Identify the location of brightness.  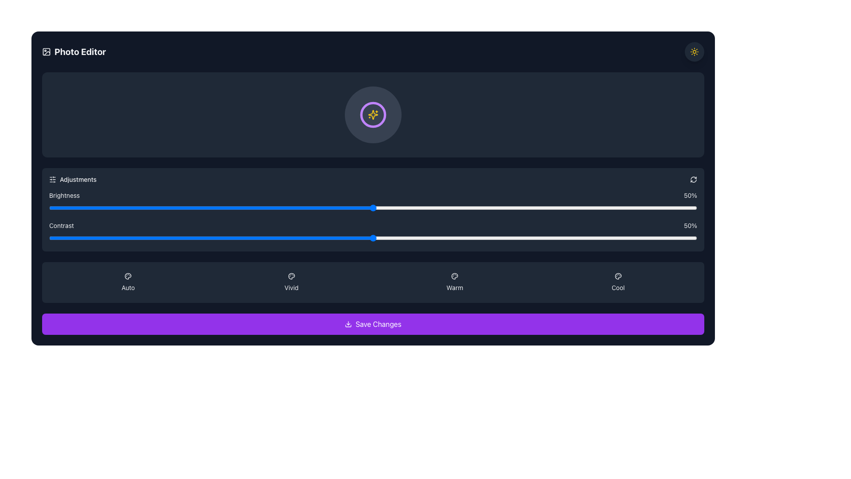
(269, 208).